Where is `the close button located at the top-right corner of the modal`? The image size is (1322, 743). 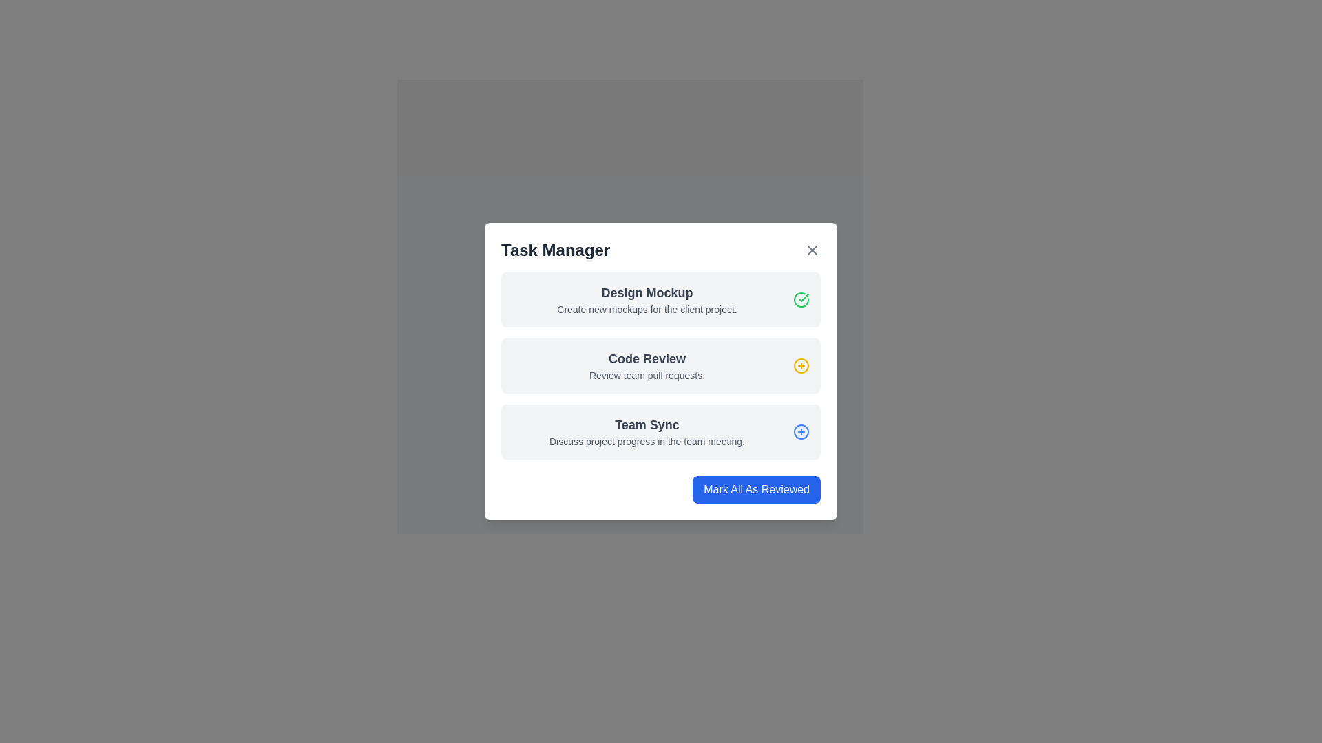
the close button located at the top-right corner of the modal is located at coordinates (812, 250).